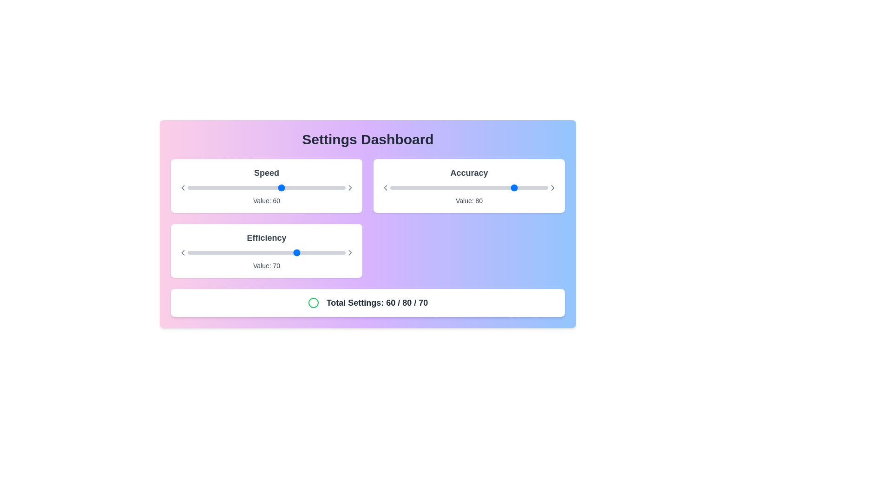 Image resolution: width=892 pixels, height=501 pixels. I want to click on the accuracy slider, so click(537, 188).